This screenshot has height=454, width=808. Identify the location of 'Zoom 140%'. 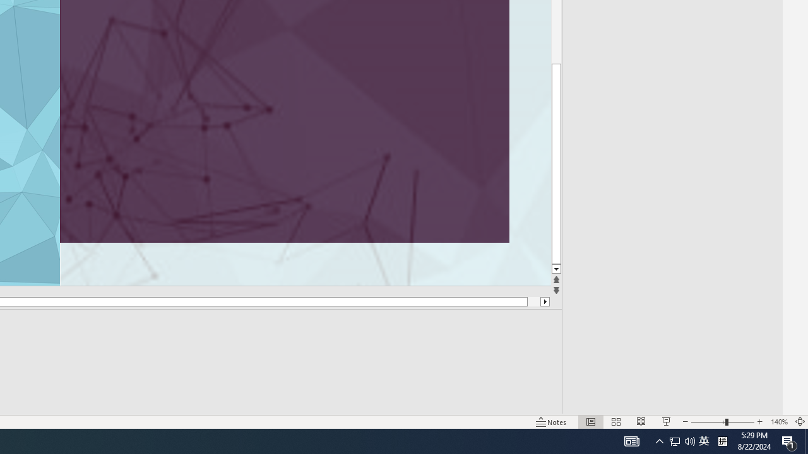
(778, 422).